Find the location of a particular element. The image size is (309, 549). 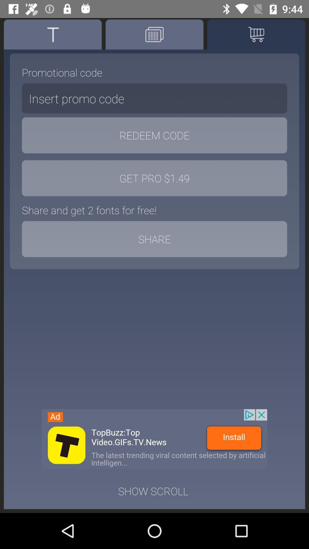

advertisement is located at coordinates (154, 439).